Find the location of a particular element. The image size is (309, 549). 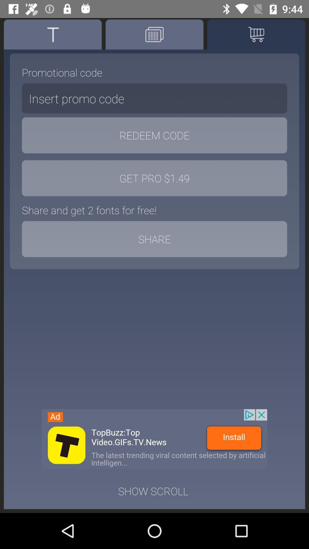

advertisement is located at coordinates (154, 439).